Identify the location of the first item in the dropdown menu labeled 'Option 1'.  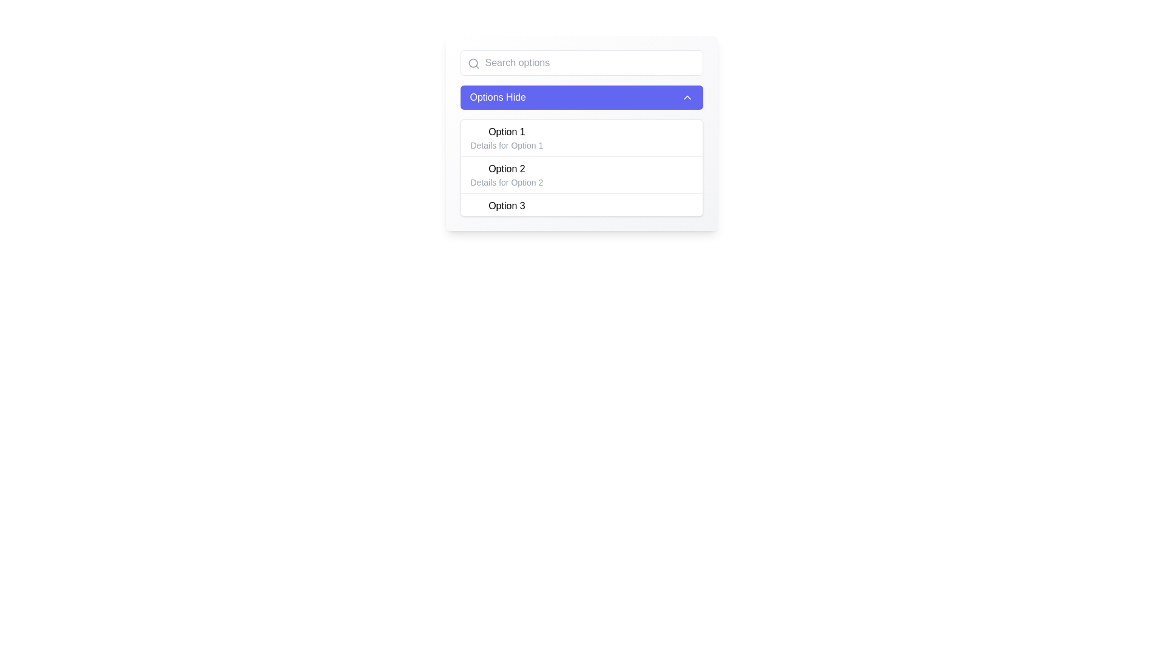
(507, 137).